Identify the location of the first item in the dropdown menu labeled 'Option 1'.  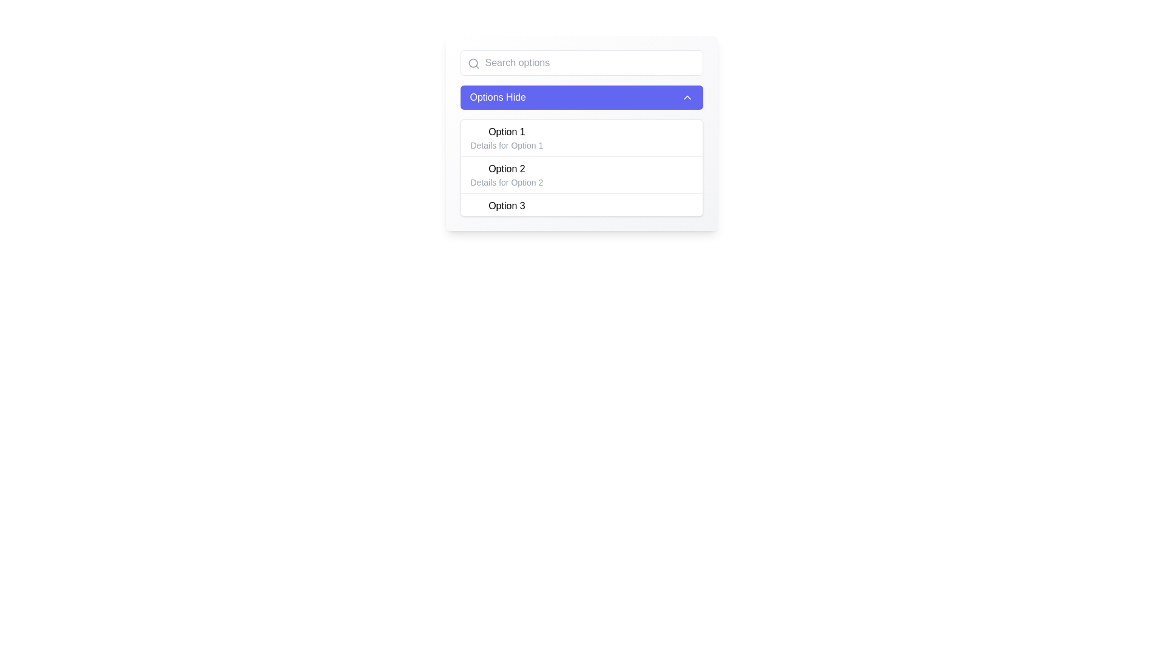
(507, 137).